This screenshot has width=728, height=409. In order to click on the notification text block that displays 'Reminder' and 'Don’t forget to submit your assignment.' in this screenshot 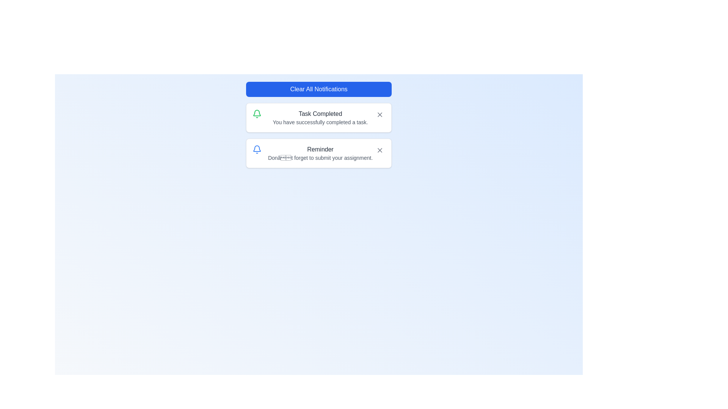, I will do `click(320, 153)`.